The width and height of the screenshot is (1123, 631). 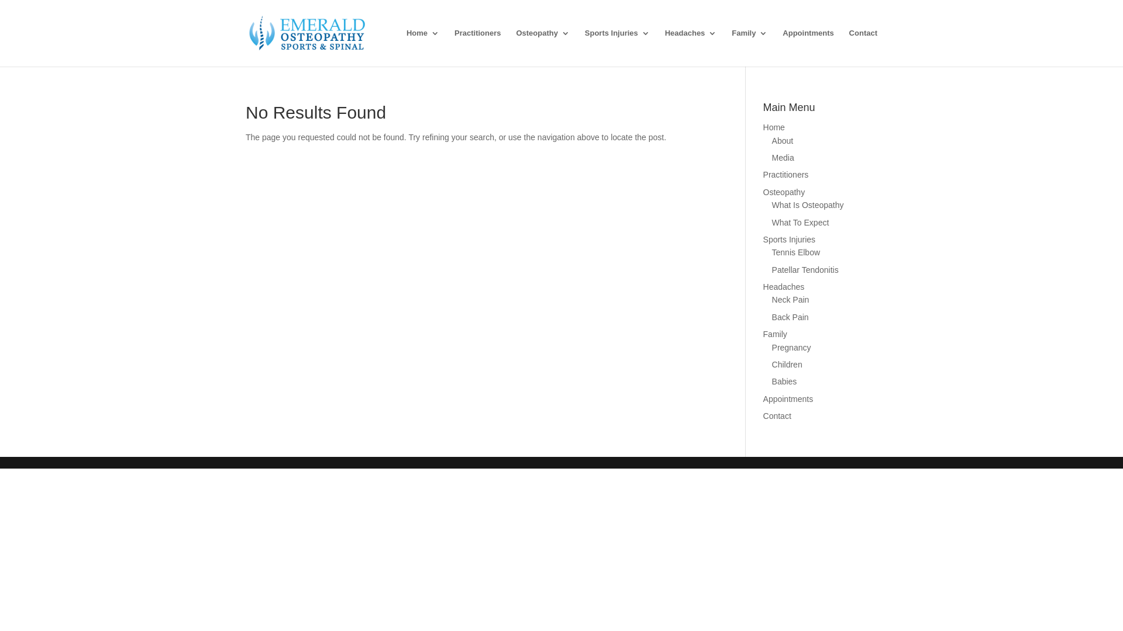 What do you see at coordinates (777, 415) in the screenshot?
I see `'Contact'` at bounding box center [777, 415].